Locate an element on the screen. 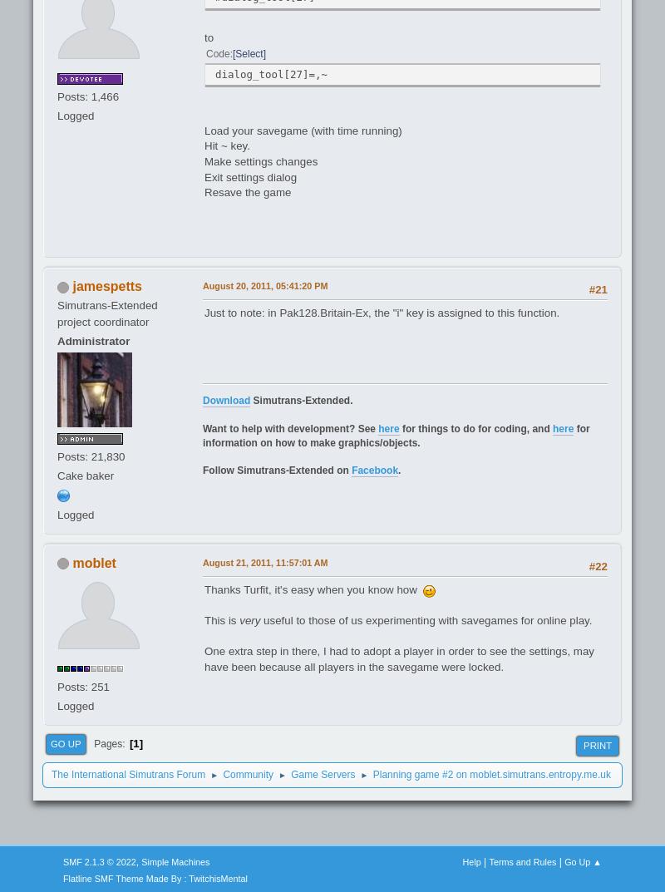  'moblet' is located at coordinates (92, 562).